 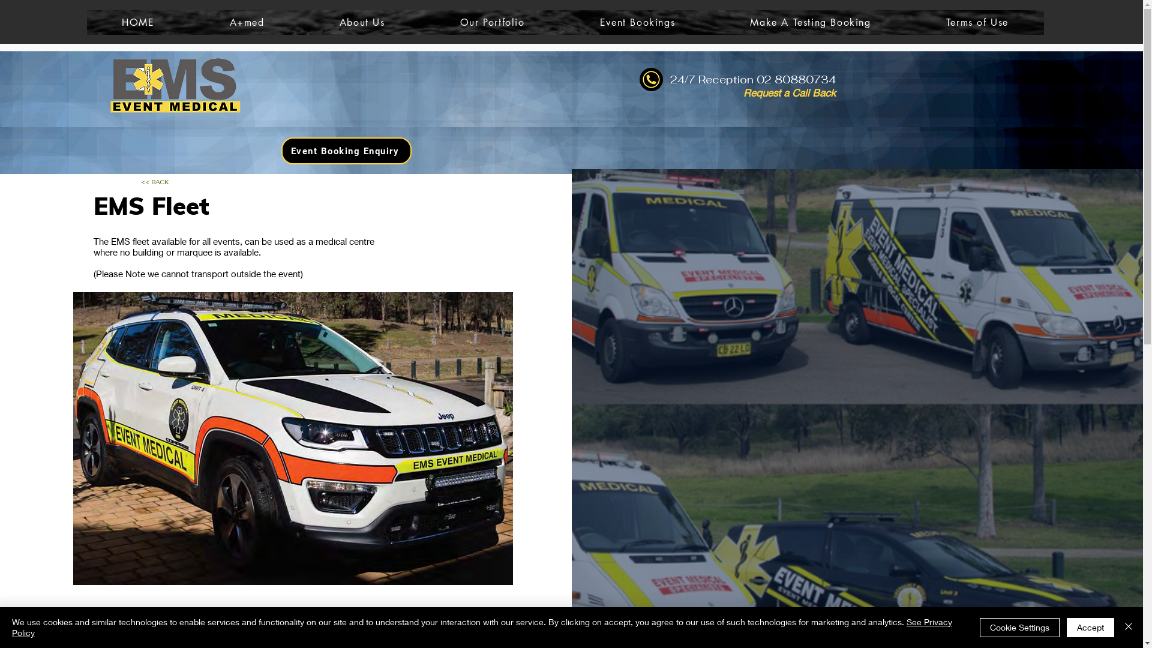 What do you see at coordinates (482, 626) in the screenshot?
I see `'See Privacy Policy'` at bounding box center [482, 626].